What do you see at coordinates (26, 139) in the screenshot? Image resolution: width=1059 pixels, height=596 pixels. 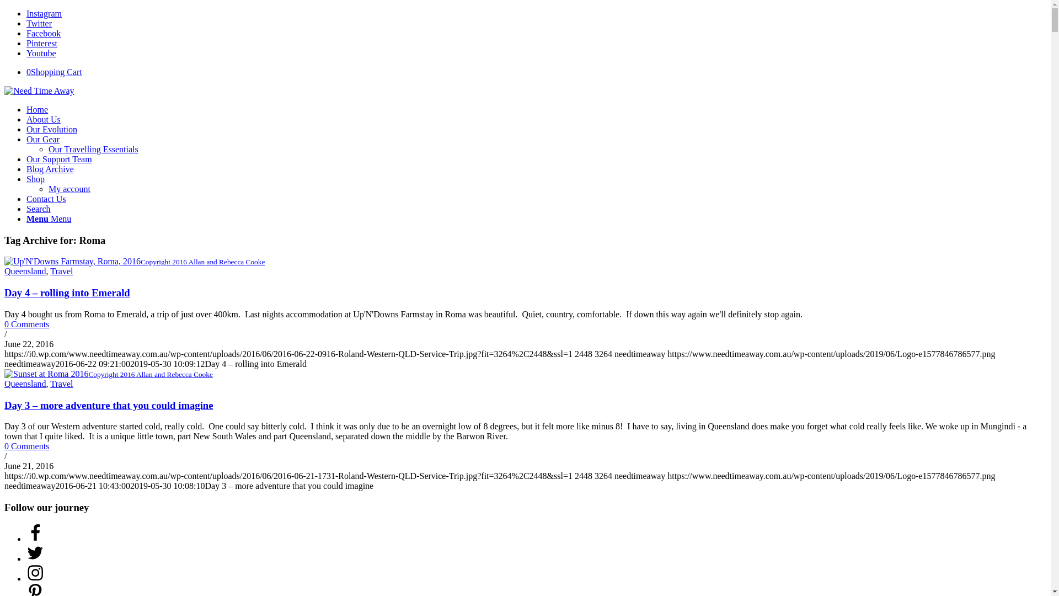 I see `'Our Gear'` at bounding box center [26, 139].